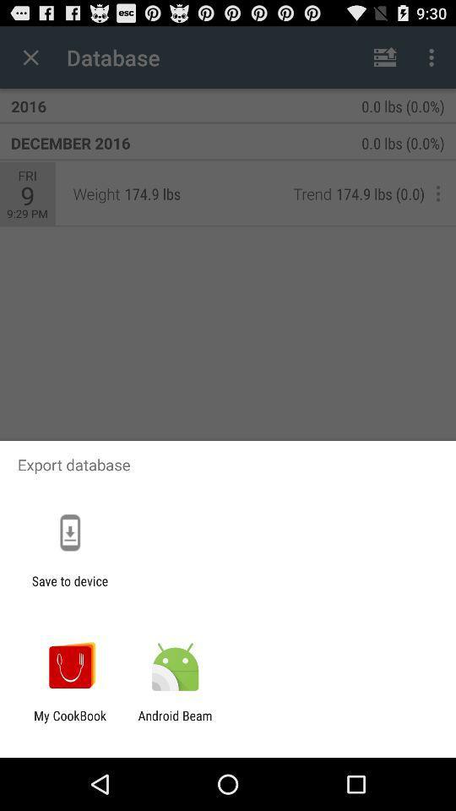  Describe the element at coordinates (69, 722) in the screenshot. I see `my cookbook app` at that location.